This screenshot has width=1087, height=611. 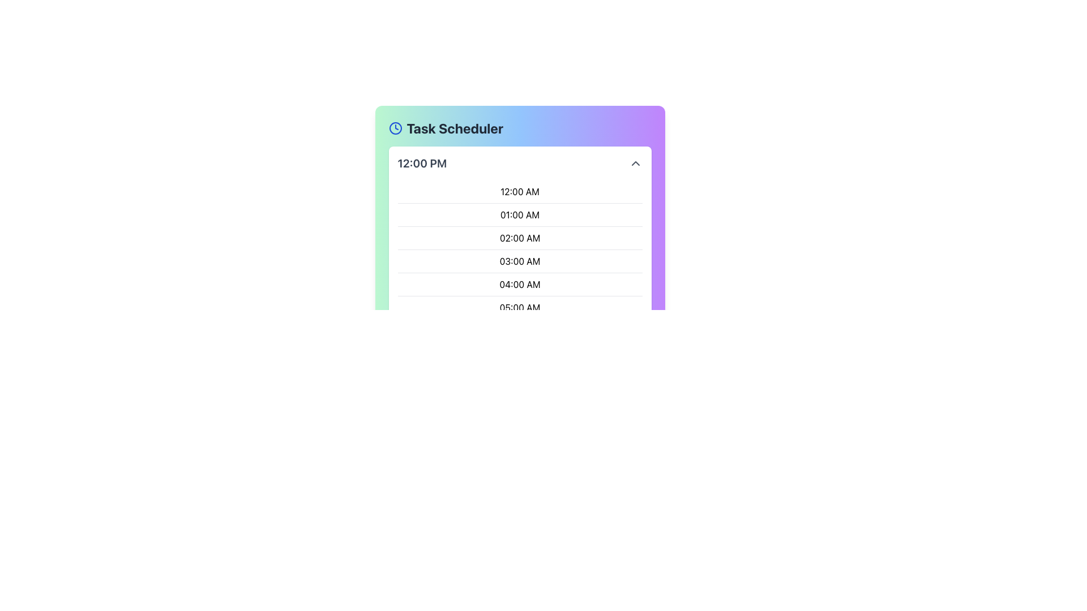 What do you see at coordinates (635, 163) in the screenshot?
I see `the upward chevron-shaped gray button located at the far-right end of the horizontal bar displaying '12:00 PM', which is aligned with the vertical center of the bar` at bounding box center [635, 163].